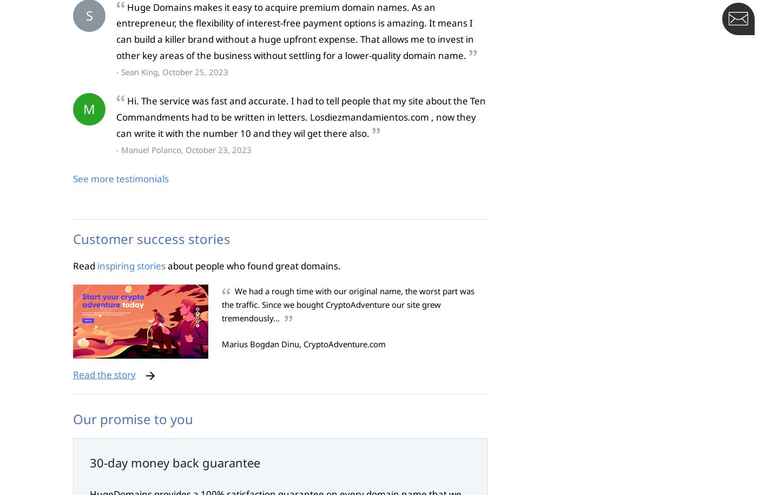  Describe the element at coordinates (121, 179) in the screenshot. I see `'See more testimonials'` at that location.